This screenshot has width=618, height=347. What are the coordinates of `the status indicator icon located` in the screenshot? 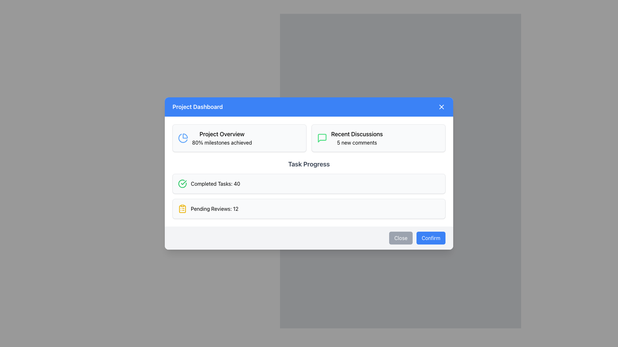 It's located at (182, 183).